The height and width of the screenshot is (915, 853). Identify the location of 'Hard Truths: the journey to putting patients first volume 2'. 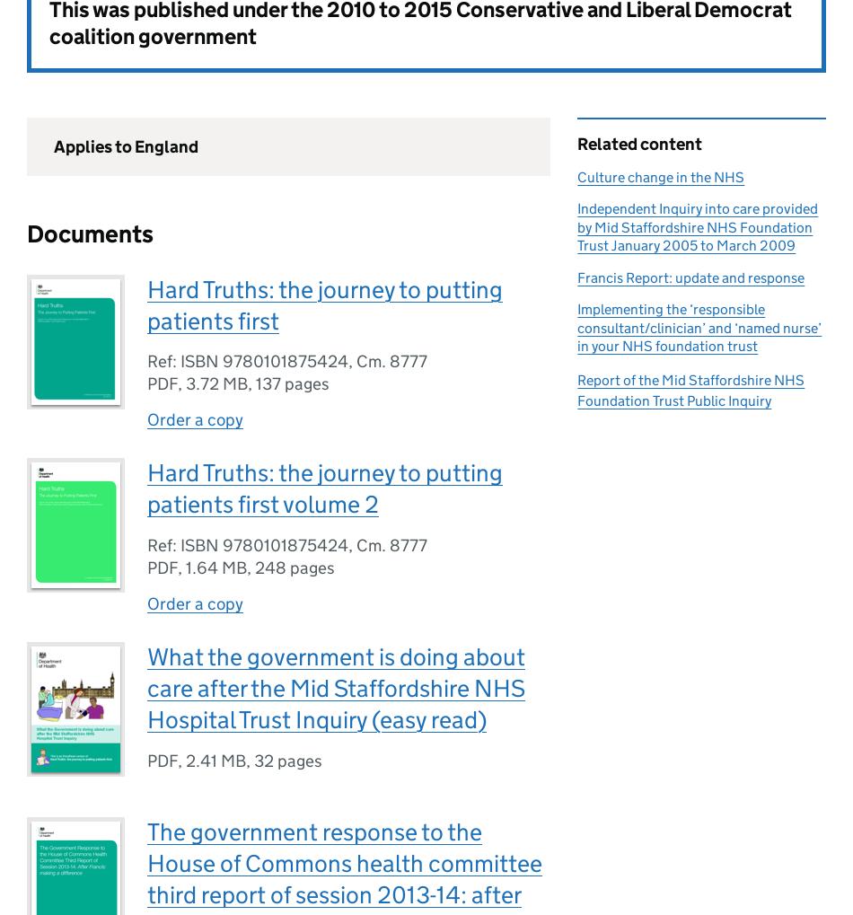
(324, 488).